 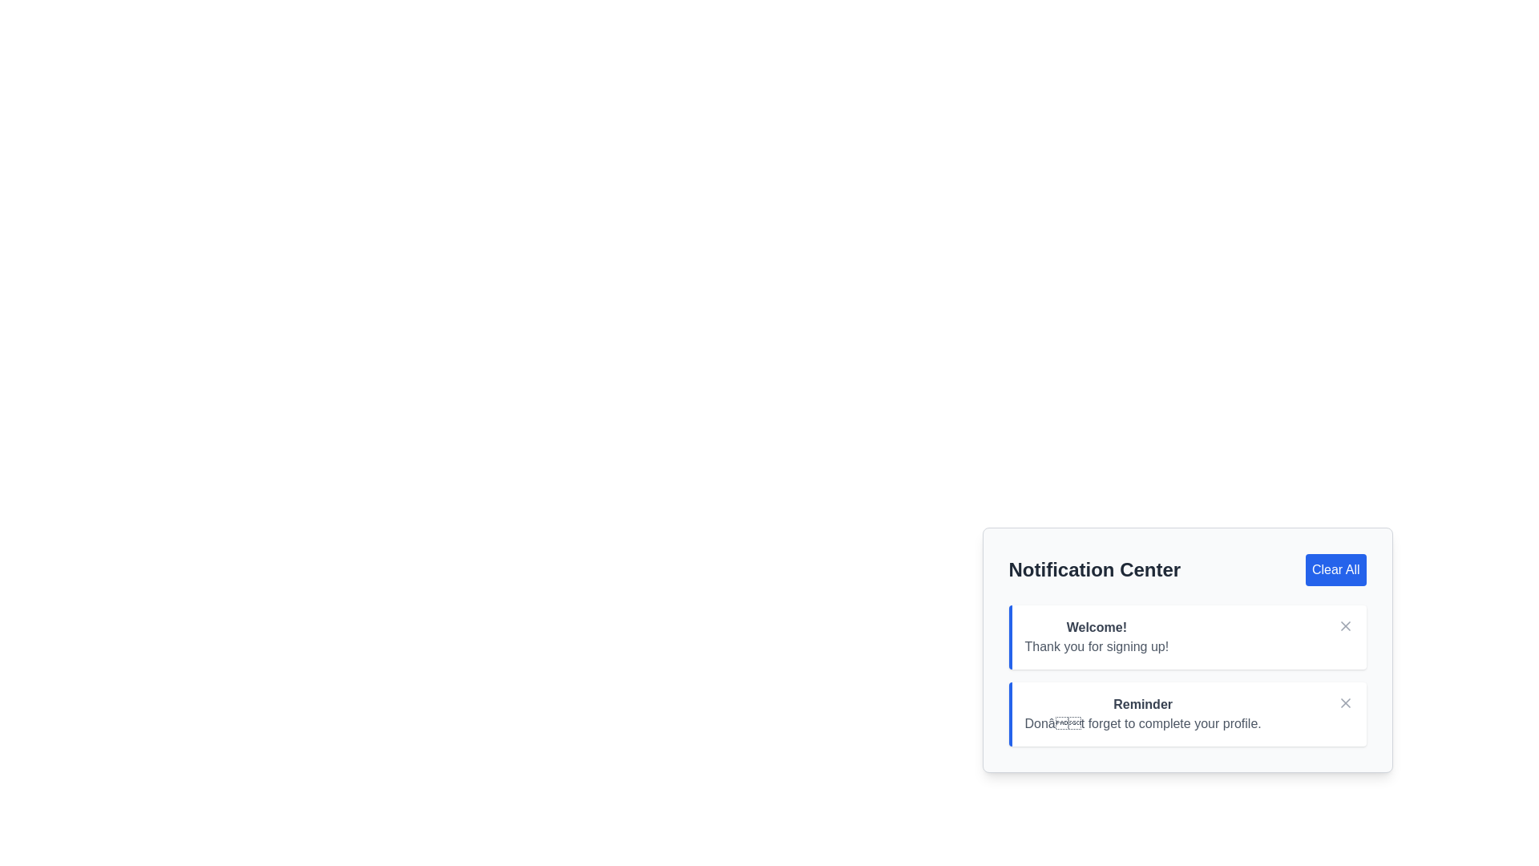 I want to click on the button in the top-right corner of the 'Reminder' notification card, so click(x=1345, y=702).